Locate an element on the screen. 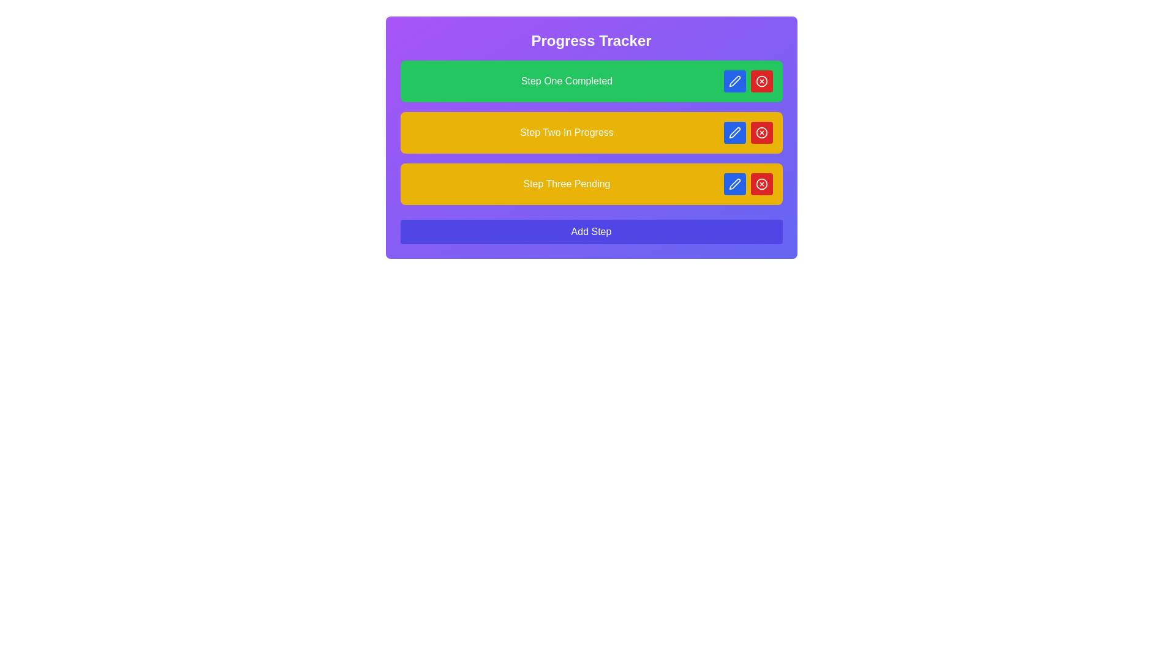  the blue edit button, which is part of a group of interactive buttons for editing and deleting, located on the right side of the 'Step Three Pending' yellow bar in the Progress Tracker list is located at coordinates (747, 184).